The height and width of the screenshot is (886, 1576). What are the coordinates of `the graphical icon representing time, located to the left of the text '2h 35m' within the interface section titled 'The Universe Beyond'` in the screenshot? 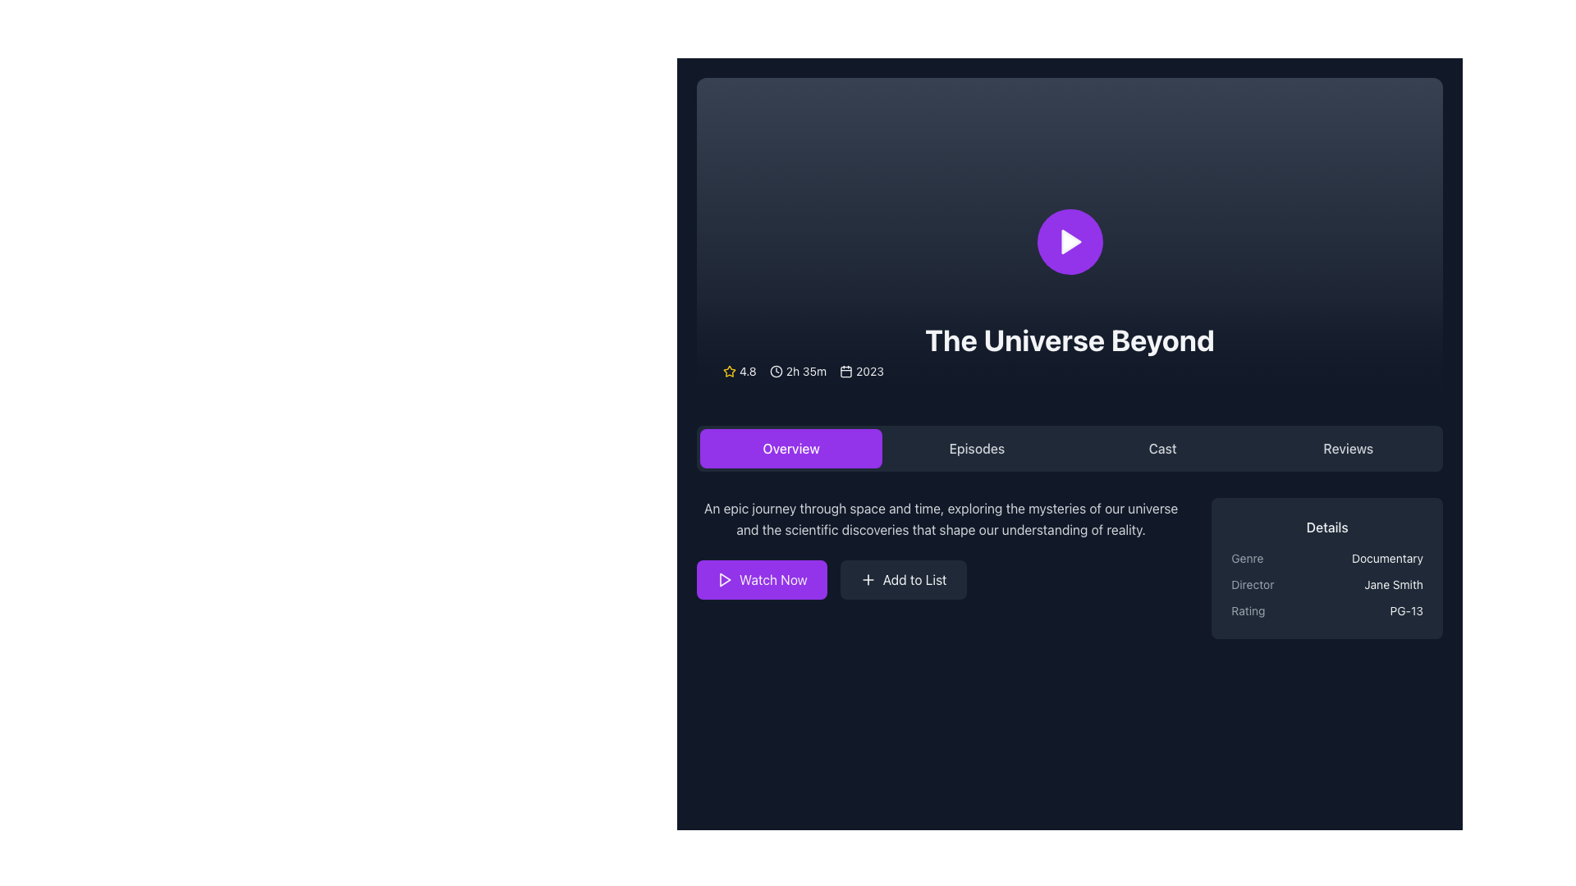 It's located at (775, 371).